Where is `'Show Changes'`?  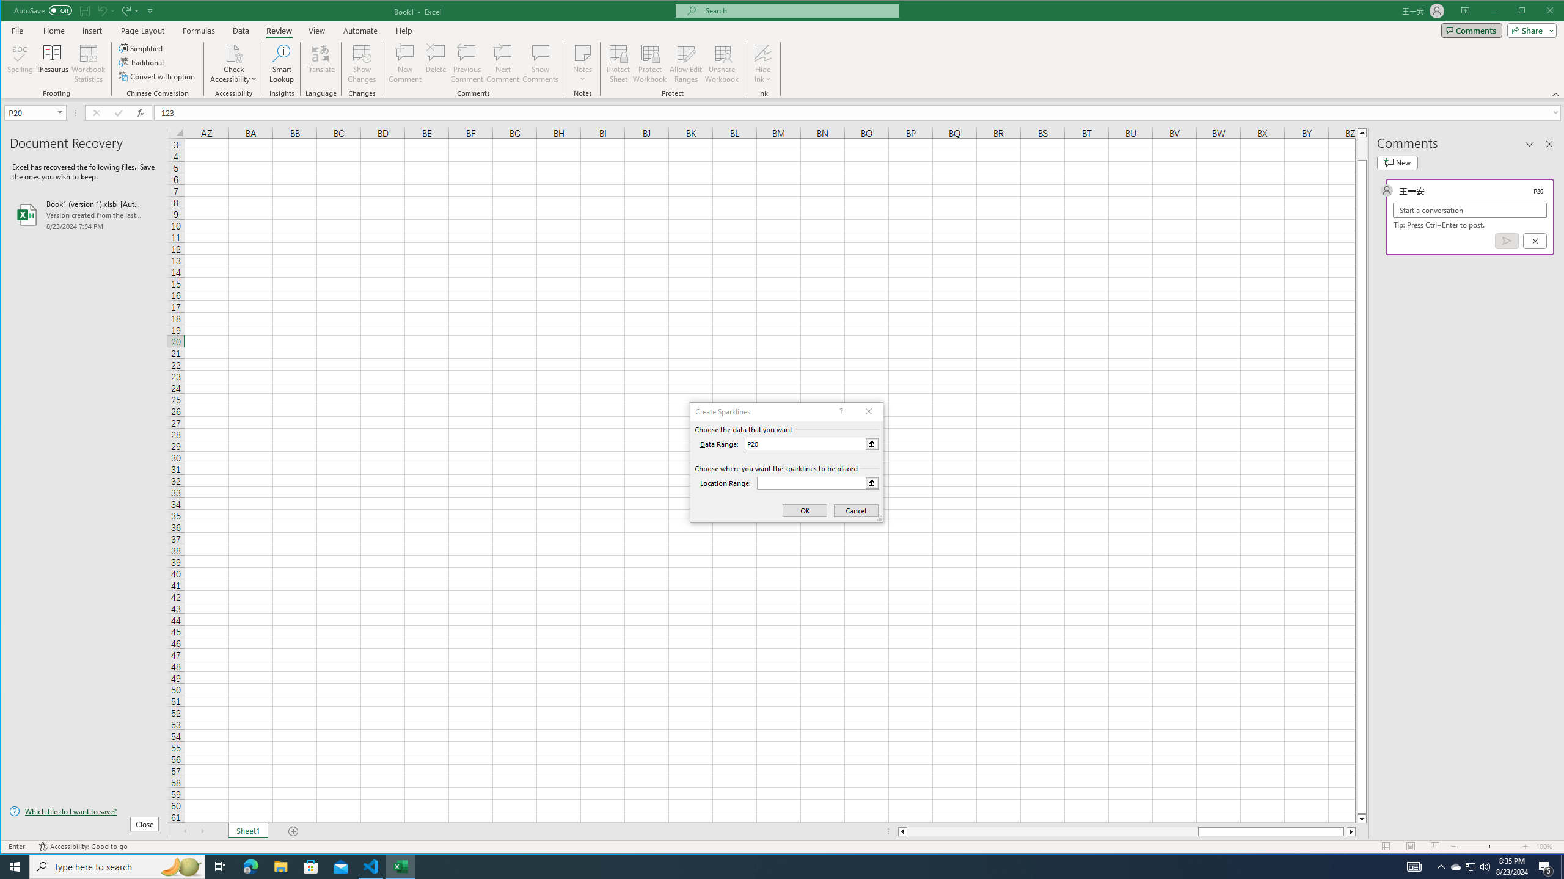
'Show Changes' is located at coordinates (361, 63).